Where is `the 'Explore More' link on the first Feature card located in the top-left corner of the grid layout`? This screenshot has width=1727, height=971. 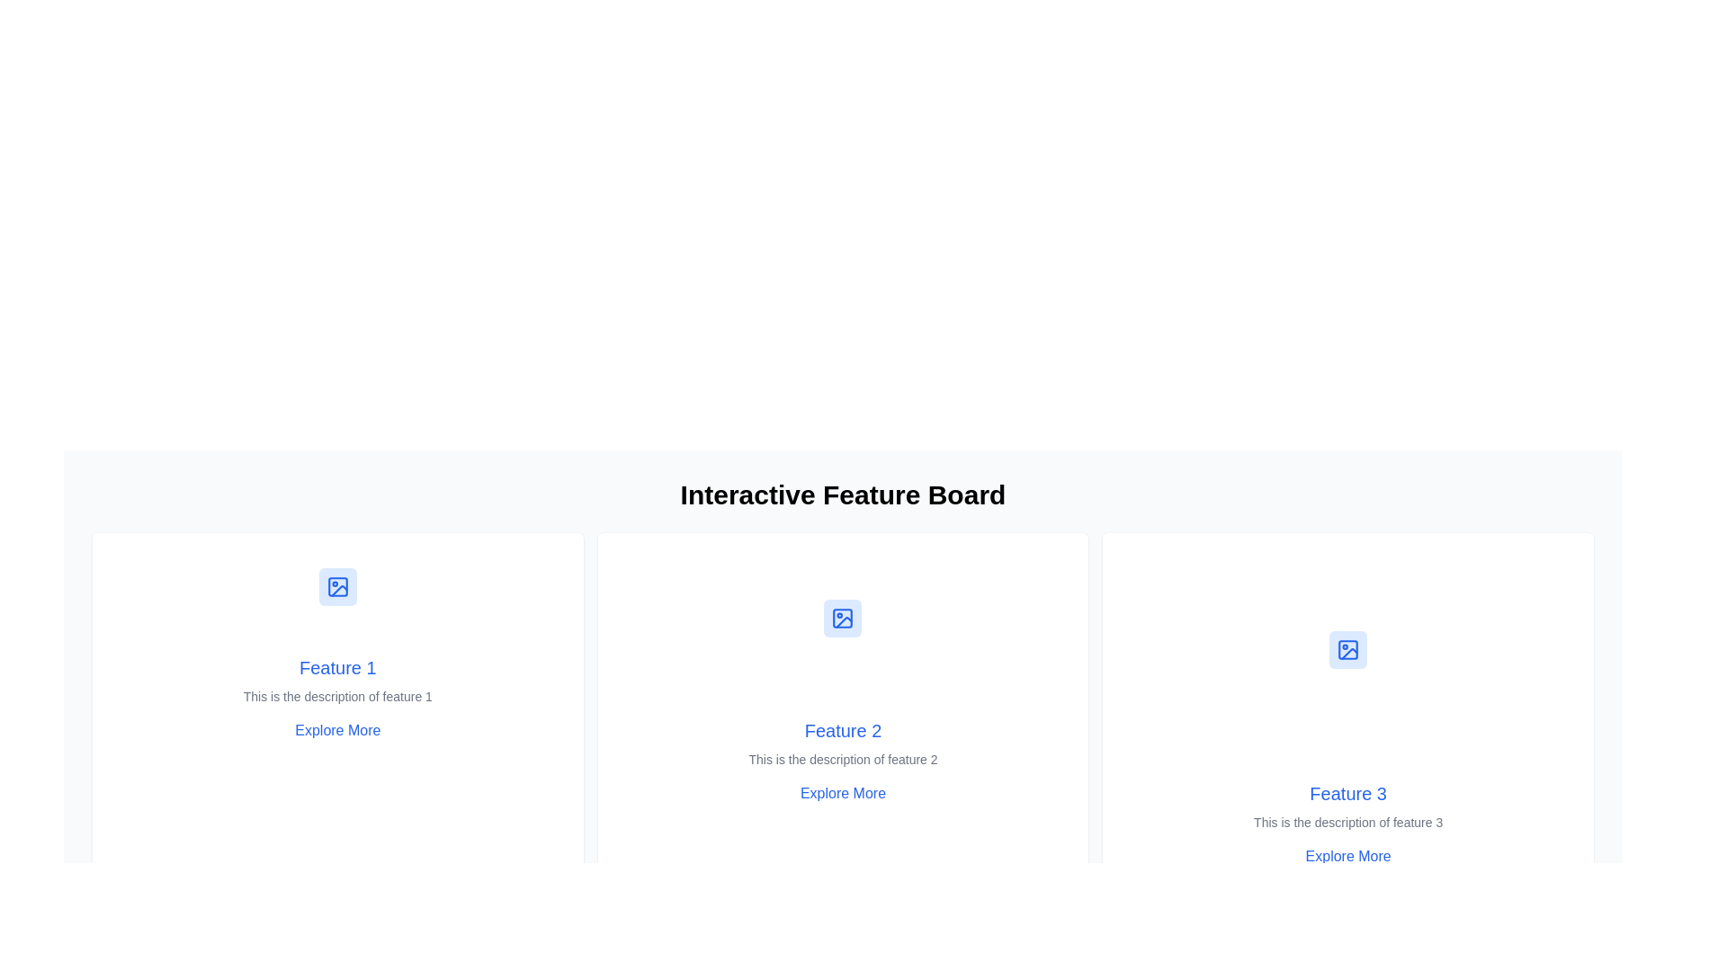 the 'Explore More' link on the first Feature card located in the top-left corner of the grid layout is located at coordinates (337, 706).